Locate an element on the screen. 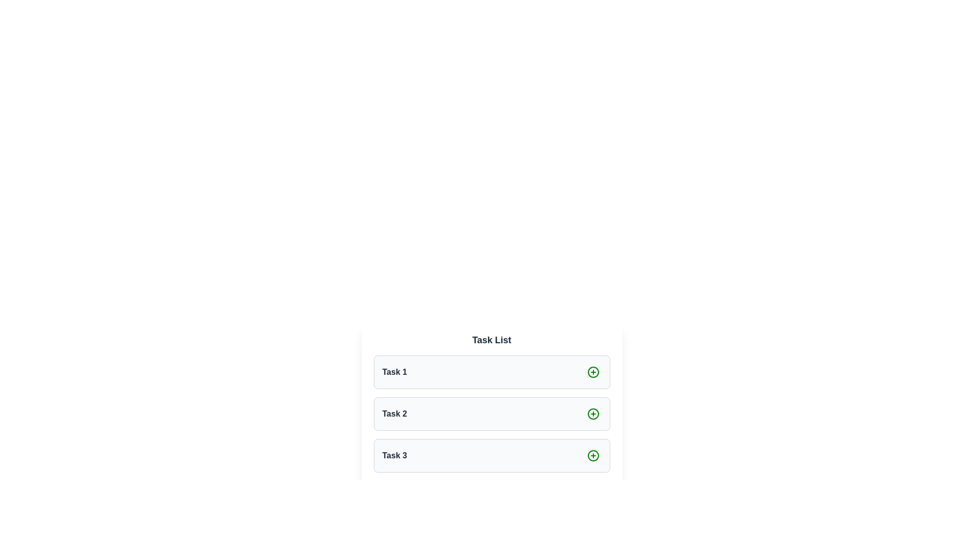 The height and width of the screenshot is (550, 978). the SVG circle element with a radius of 10 located at the end of the row for 'Task 1', which is styled with no fill and a green stroke is located at coordinates (593, 372).